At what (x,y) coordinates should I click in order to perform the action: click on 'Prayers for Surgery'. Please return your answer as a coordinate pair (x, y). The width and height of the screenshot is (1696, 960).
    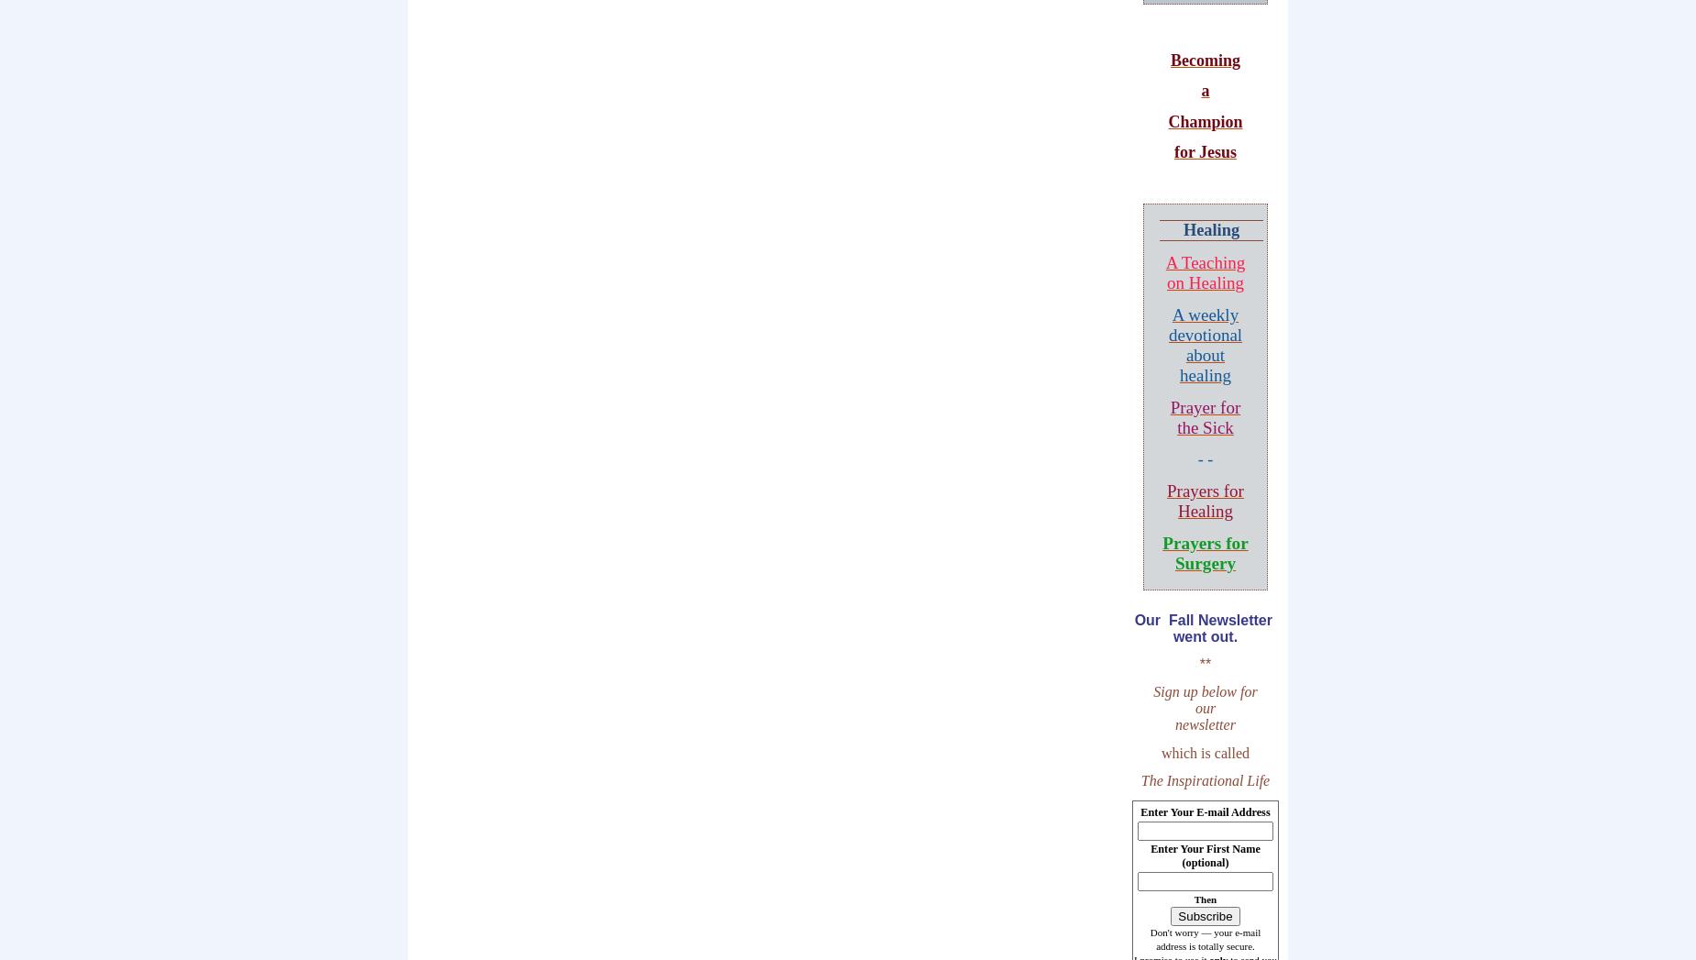
    Looking at the image, I should click on (1204, 552).